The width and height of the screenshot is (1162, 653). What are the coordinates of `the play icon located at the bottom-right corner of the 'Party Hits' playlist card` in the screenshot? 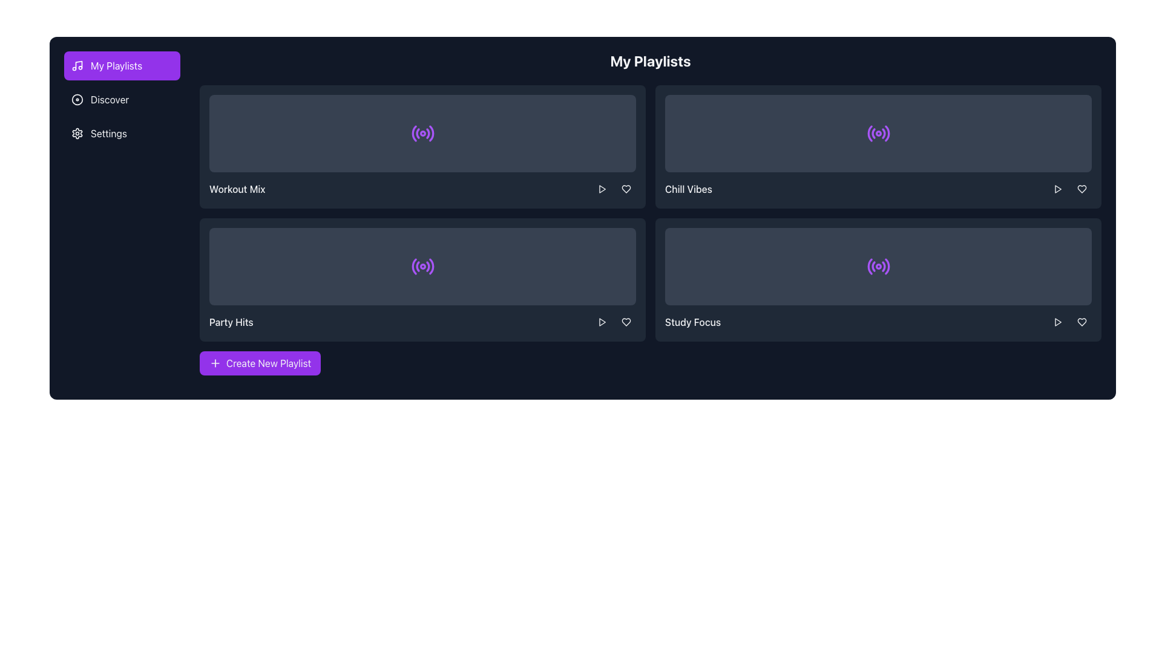 It's located at (602, 321).